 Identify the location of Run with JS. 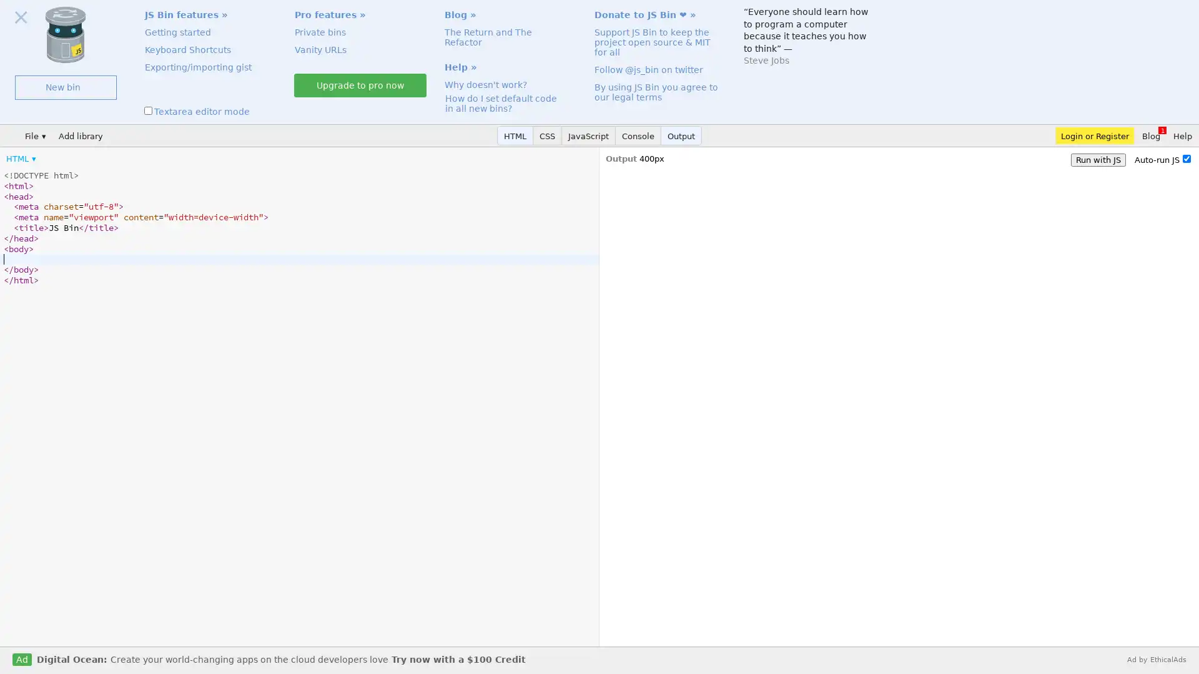
(1097, 159).